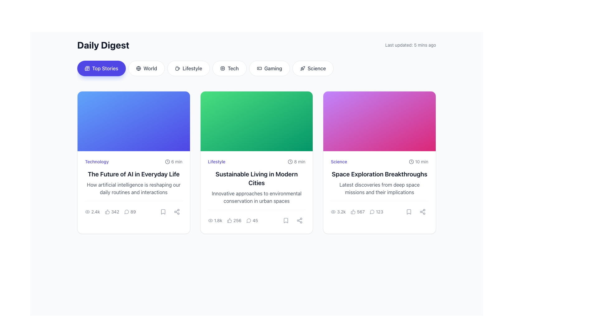 The height and width of the screenshot is (336, 598). Describe the element at coordinates (358, 212) in the screenshot. I see `text displaying the number of likes associated with the card's content, which is positioned to the right of the thumbs-up icon and between the view count and the comment count in the 'Space Exploration Breakthroughs' card` at that location.